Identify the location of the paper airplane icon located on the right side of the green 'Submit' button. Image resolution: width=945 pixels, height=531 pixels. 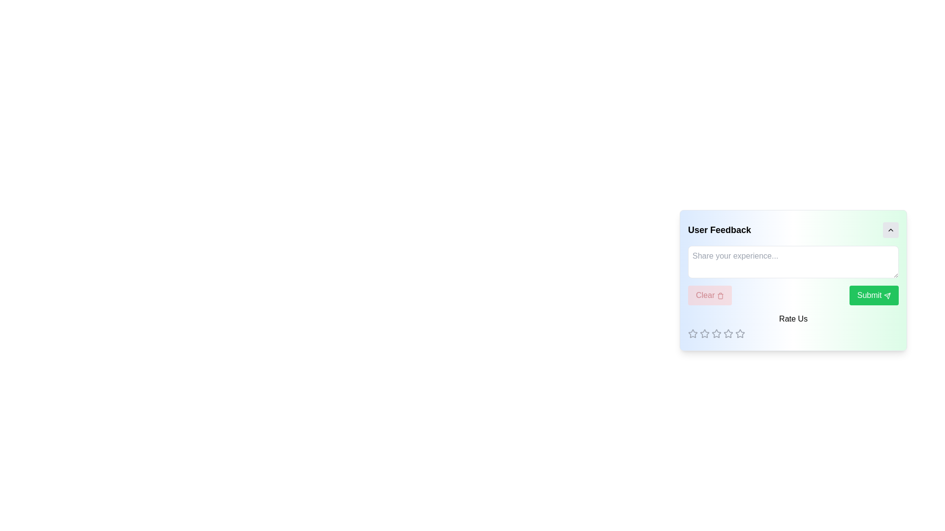
(887, 295).